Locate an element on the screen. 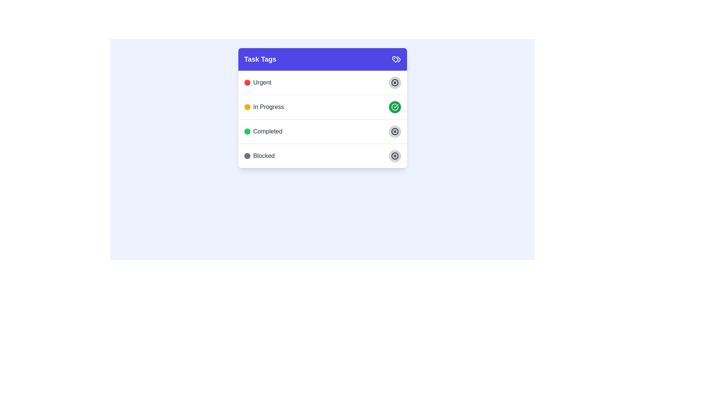  the circular element with a black border located to the right of the green 'Completed' status chip in the 'Completed' row is located at coordinates (394, 131).